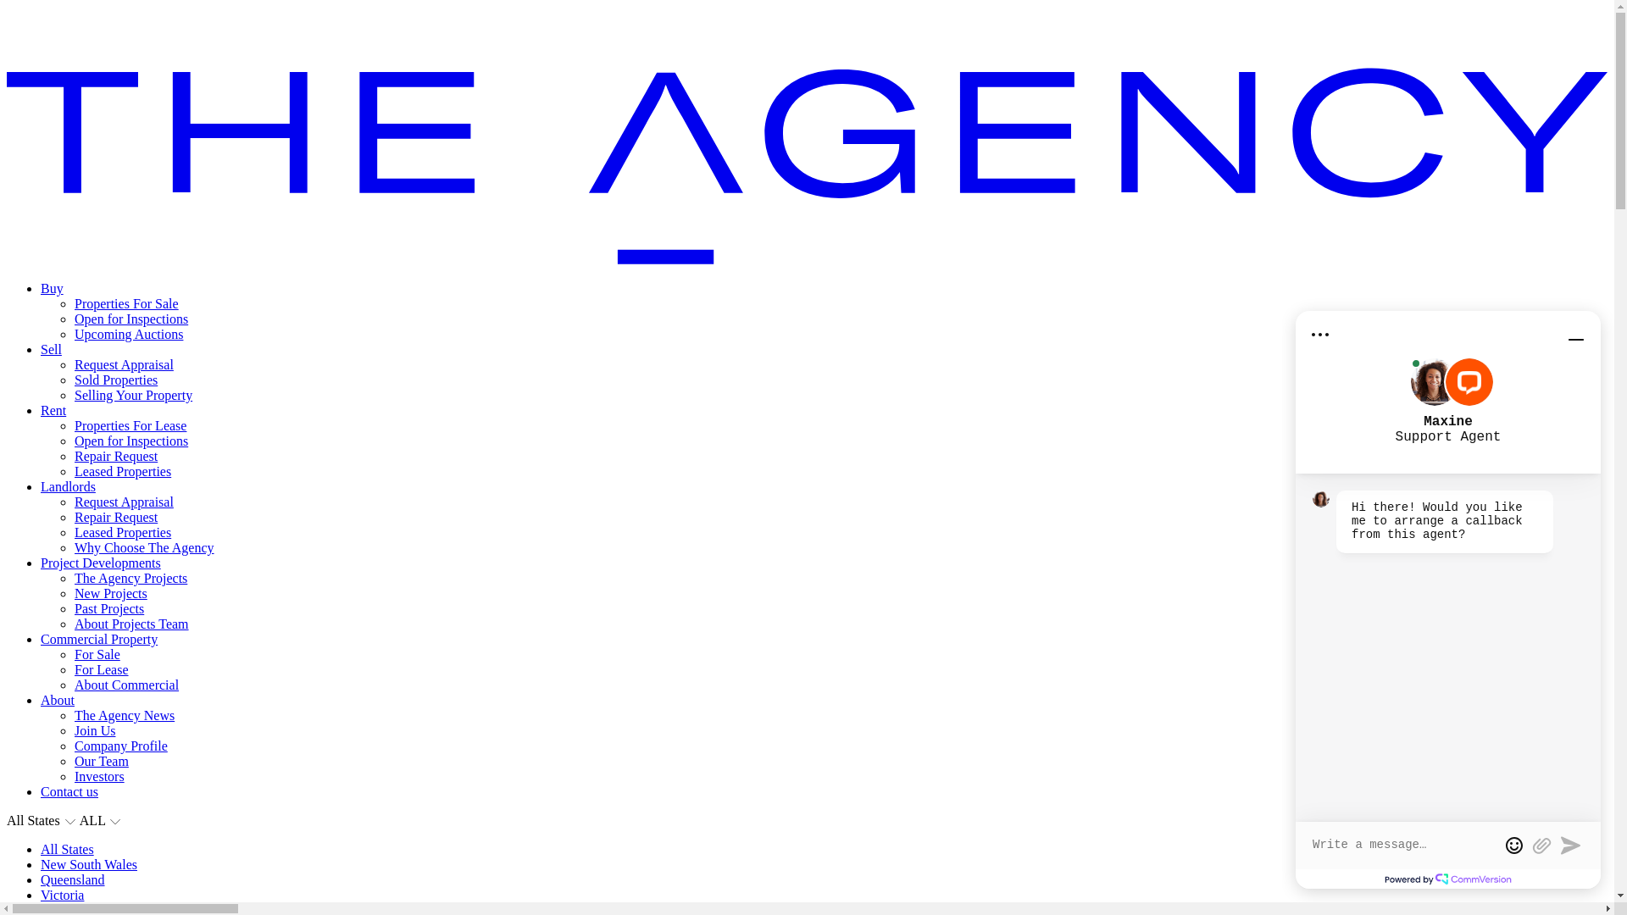 This screenshot has width=1627, height=915. What do you see at coordinates (73, 577) in the screenshot?
I see `'The Agency Projects'` at bounding box center [73, 577].